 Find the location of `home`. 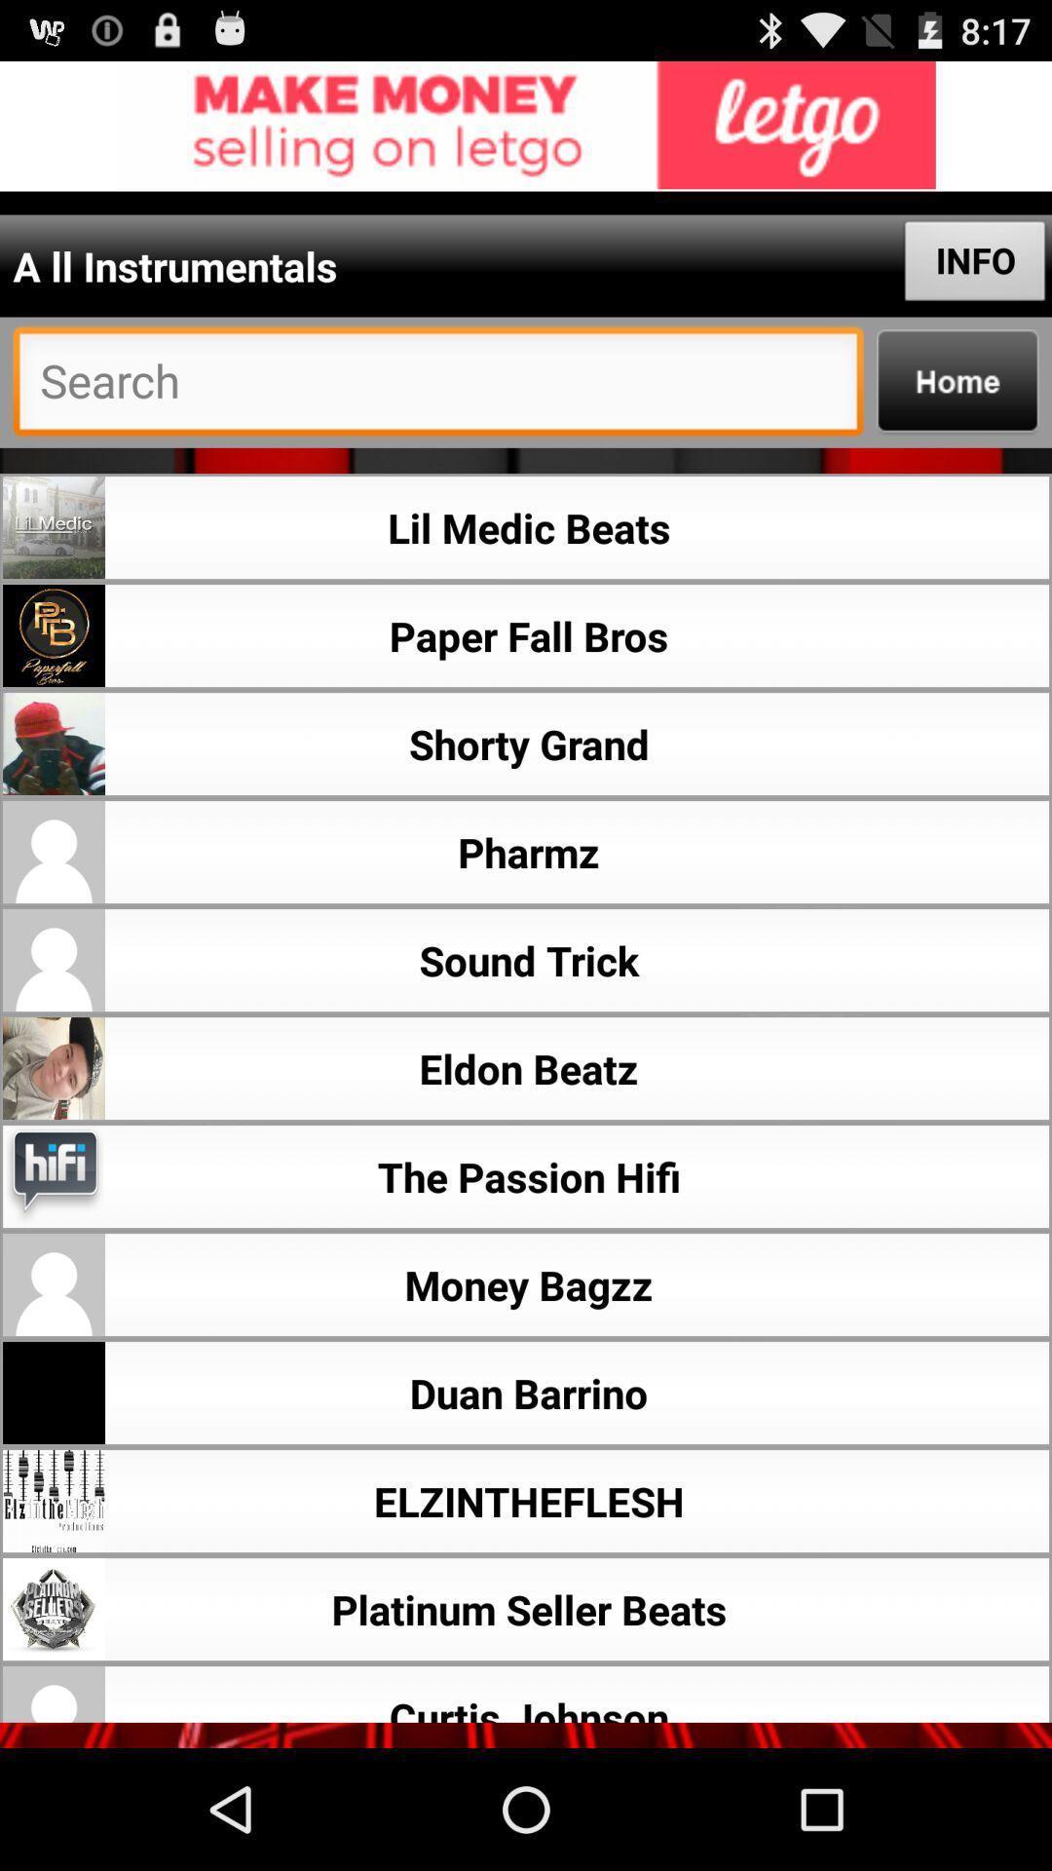

home is located at coordinates (957, 382).